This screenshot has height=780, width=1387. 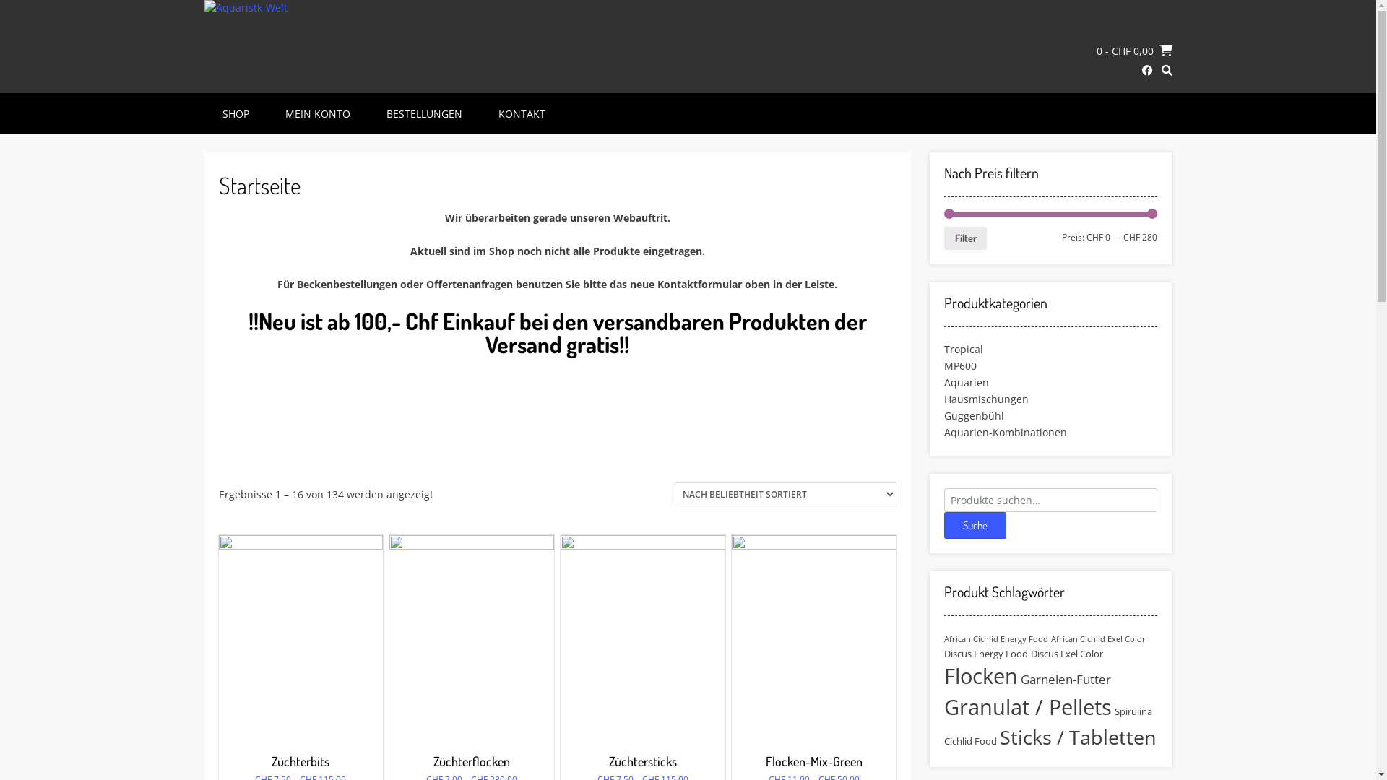 What do you see at coordinates (981, 676) in the screenshot?
I see `'Flocken'` at bounding box center [981, 676].